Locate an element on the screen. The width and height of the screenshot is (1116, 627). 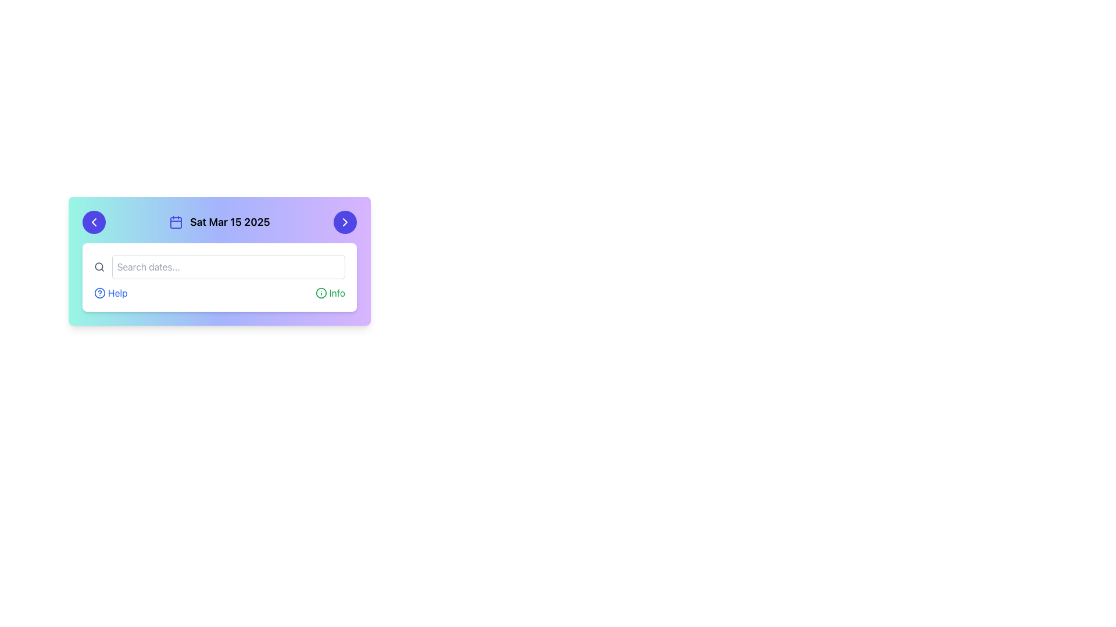
the circular outline component of the 'Help' icon located at the bottom left of the calendar interface card is located at coordinates (100, 292).